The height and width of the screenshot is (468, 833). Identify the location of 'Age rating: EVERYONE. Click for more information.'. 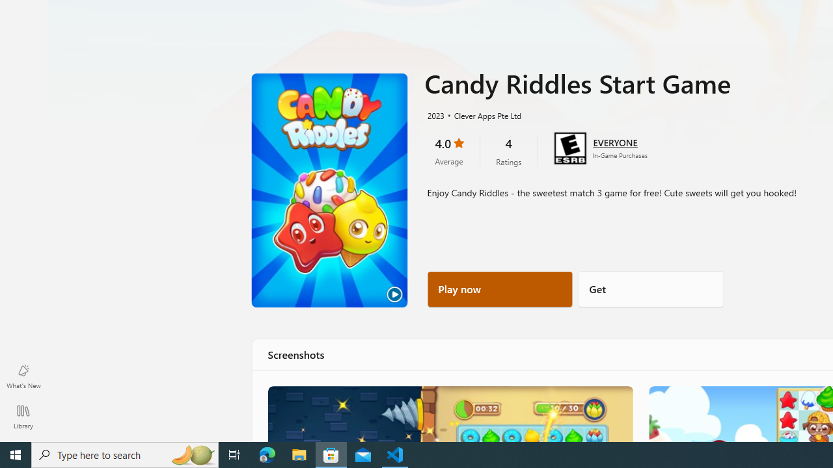
(614, 142).